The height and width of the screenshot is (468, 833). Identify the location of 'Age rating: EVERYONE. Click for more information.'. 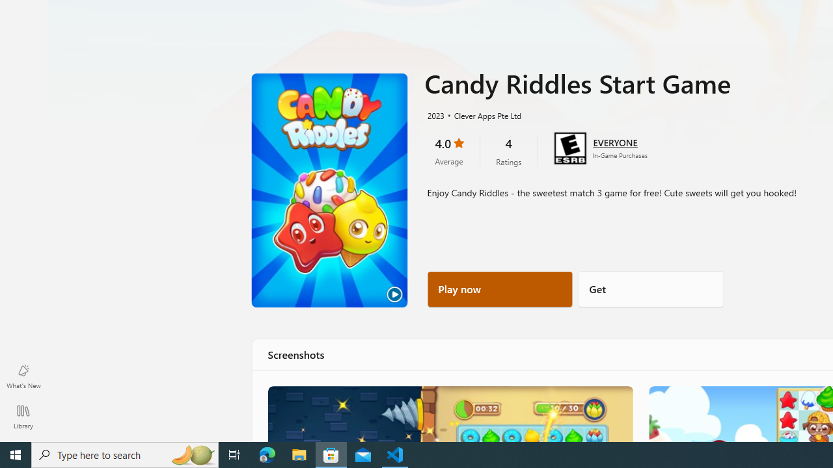
(614, 142).